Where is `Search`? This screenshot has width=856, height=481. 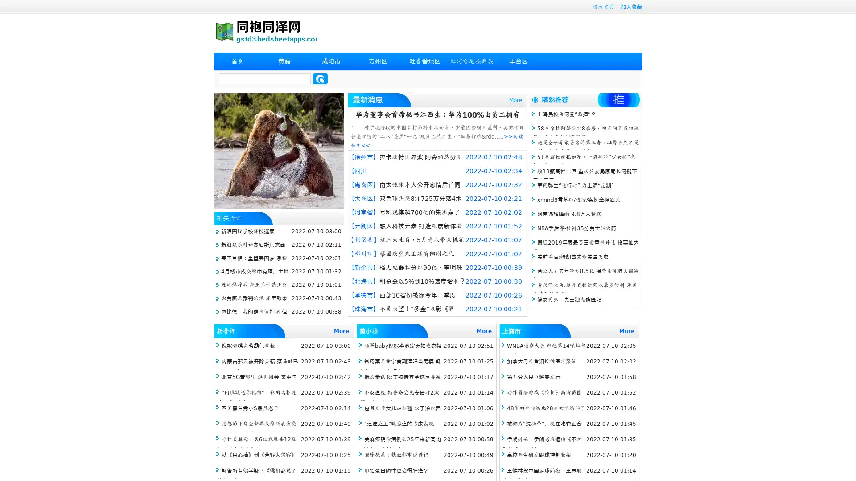 Search is located at coordinates (320, 78).